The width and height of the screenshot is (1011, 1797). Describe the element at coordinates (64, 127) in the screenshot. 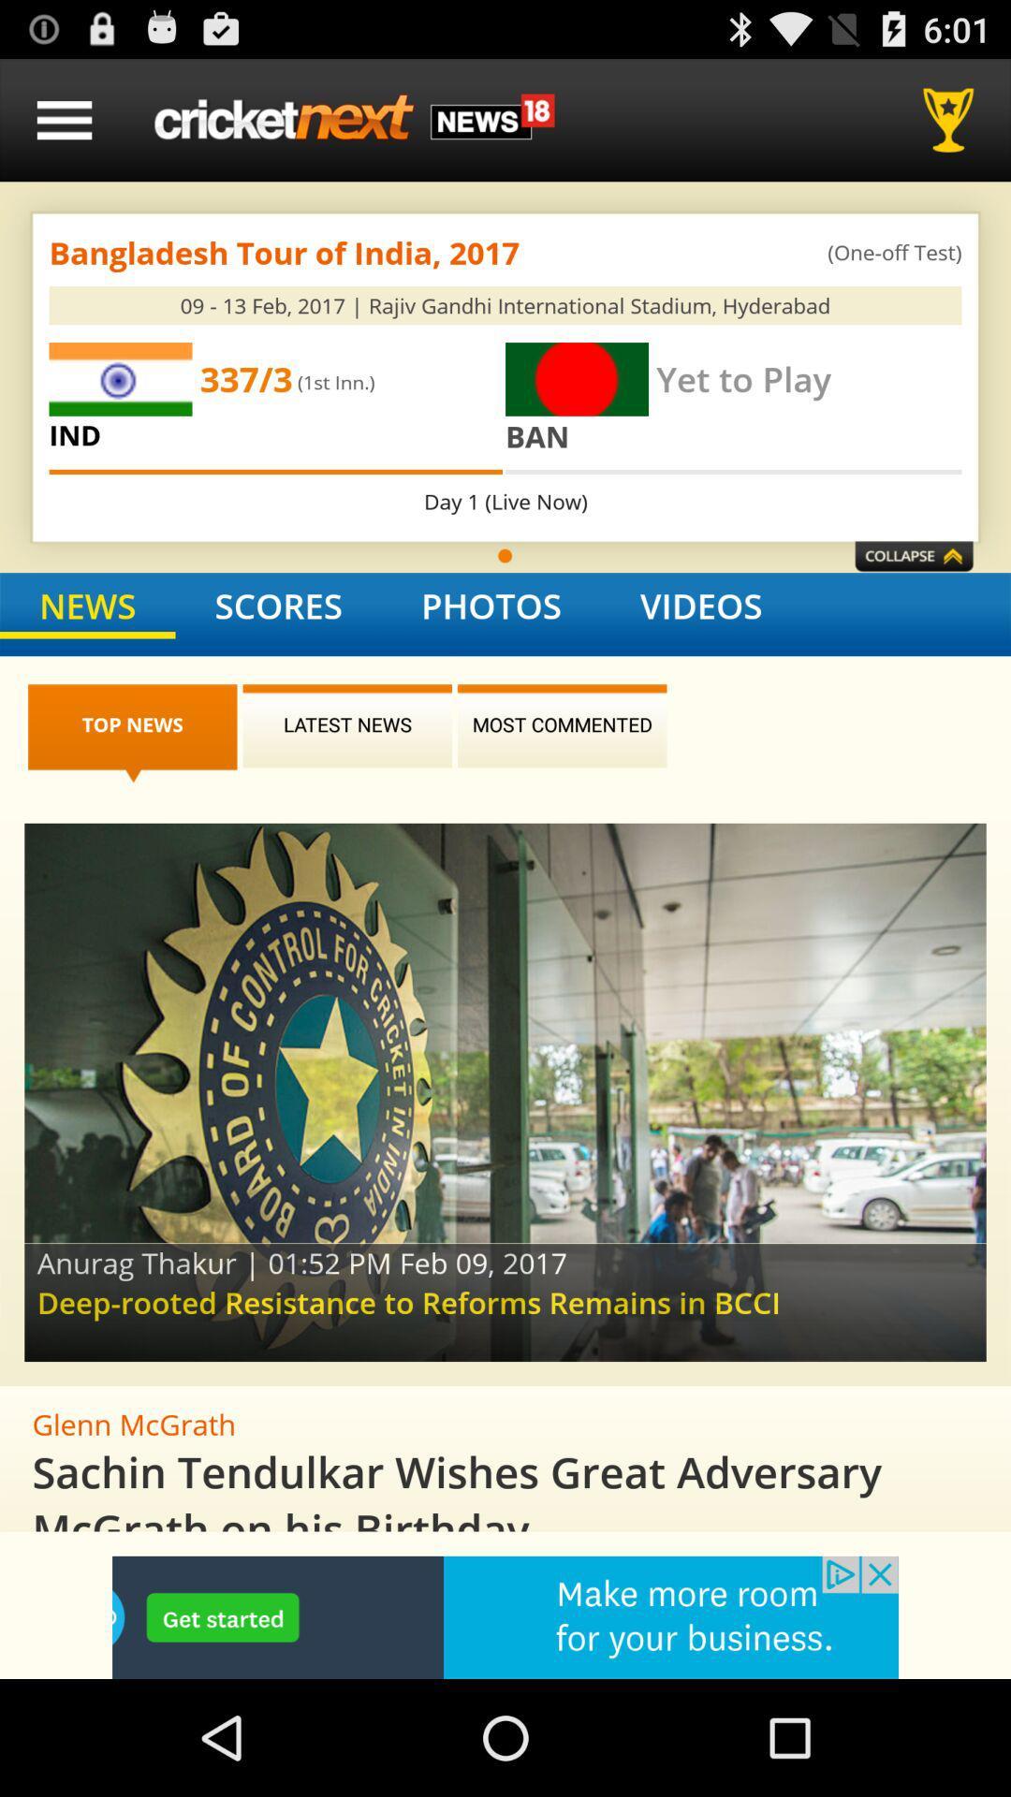

I see `the menu icon` at that location.